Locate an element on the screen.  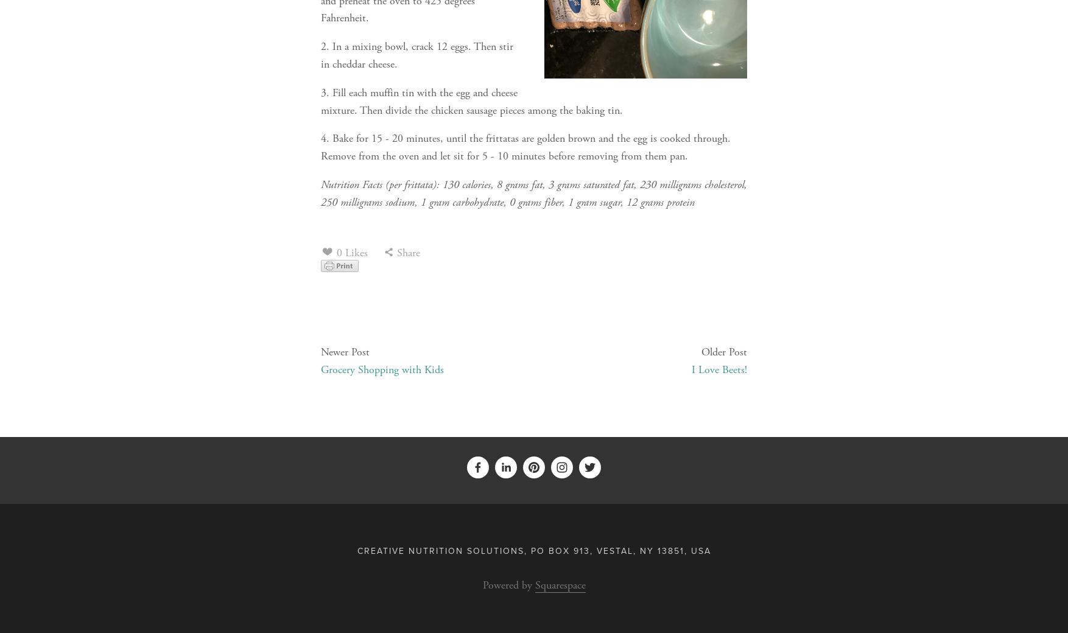
'4. Bake for 15 - 20 minutes, until the frittatas are golden brown and the egg is cooked through. Remove from the oven and let sit for 5 - 10 minutes before removing from them pan.' is located at coordinates (525, 147).